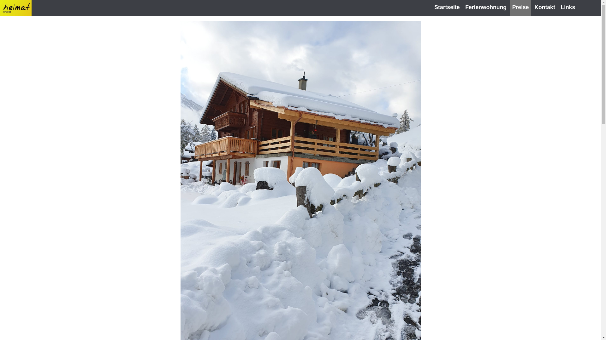 The image size is (606, 340). I want to click on 'Preise', so click(520, 7).